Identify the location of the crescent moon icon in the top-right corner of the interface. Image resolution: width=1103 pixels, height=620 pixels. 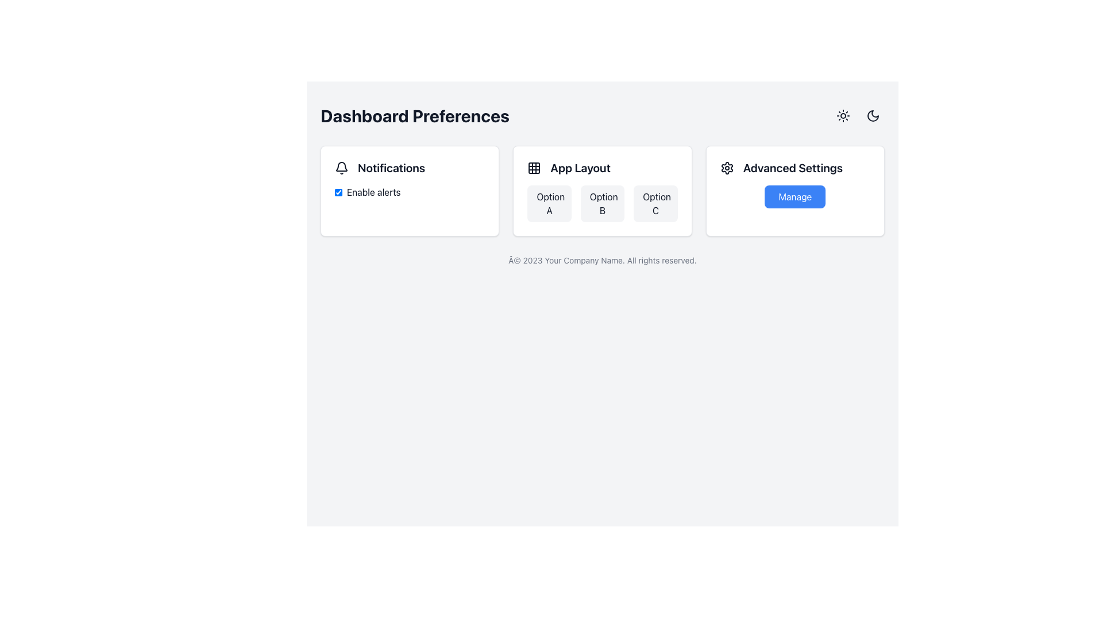
(873, 115).